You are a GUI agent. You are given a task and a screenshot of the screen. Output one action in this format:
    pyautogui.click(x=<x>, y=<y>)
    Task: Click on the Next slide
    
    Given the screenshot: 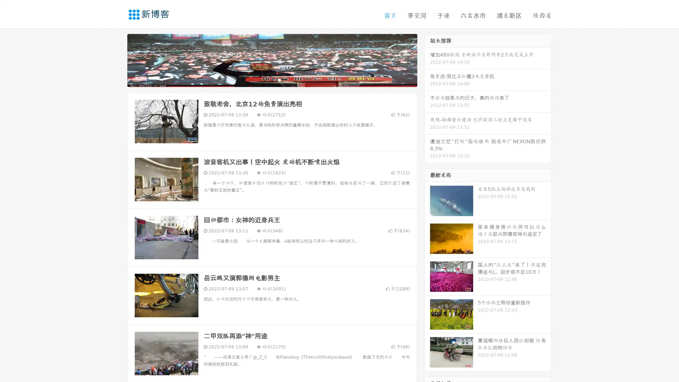 What is the action you would take?
    pyautogui.click(x=427, y=59)
    